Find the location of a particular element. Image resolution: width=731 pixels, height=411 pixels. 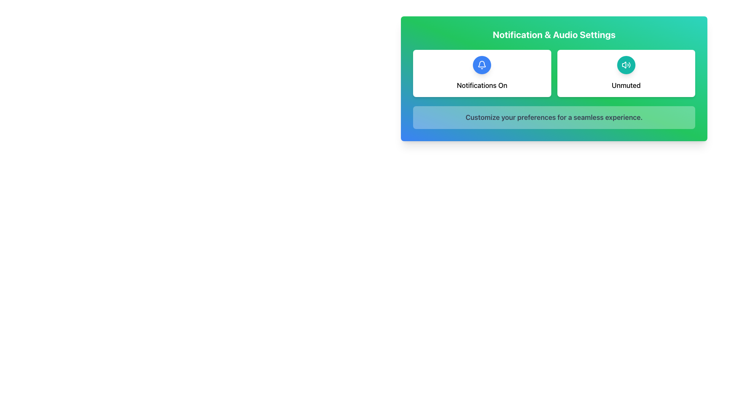

information displayed in the header section for the 'Notification & Audio Settings', which is located at the top-center of the settings section is located at coordinates (554, 79).